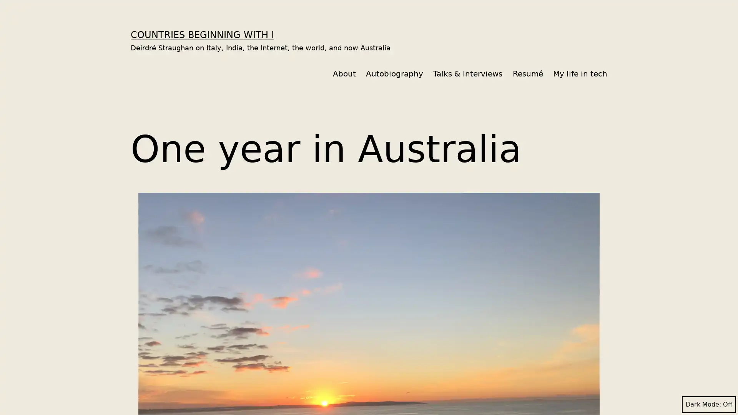 The width and height of the screenshot is (738, 415). Describe the element at coordinates (708, 404) in the screenshot. I see `Dark Mode:` at that location.